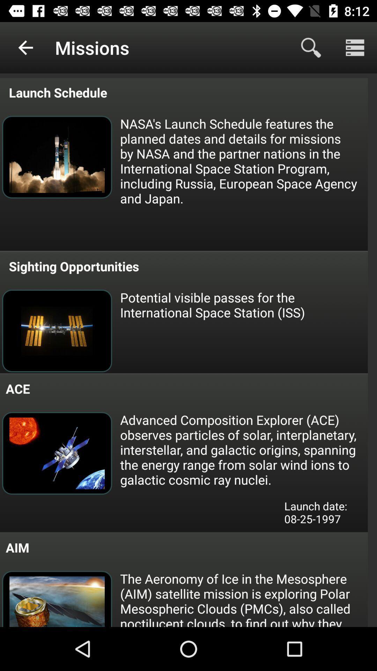  What do you see at coordinates (72, 266) in the screenshot?
I see `the  sighting opportunities item` at bounding box center [72, 266].